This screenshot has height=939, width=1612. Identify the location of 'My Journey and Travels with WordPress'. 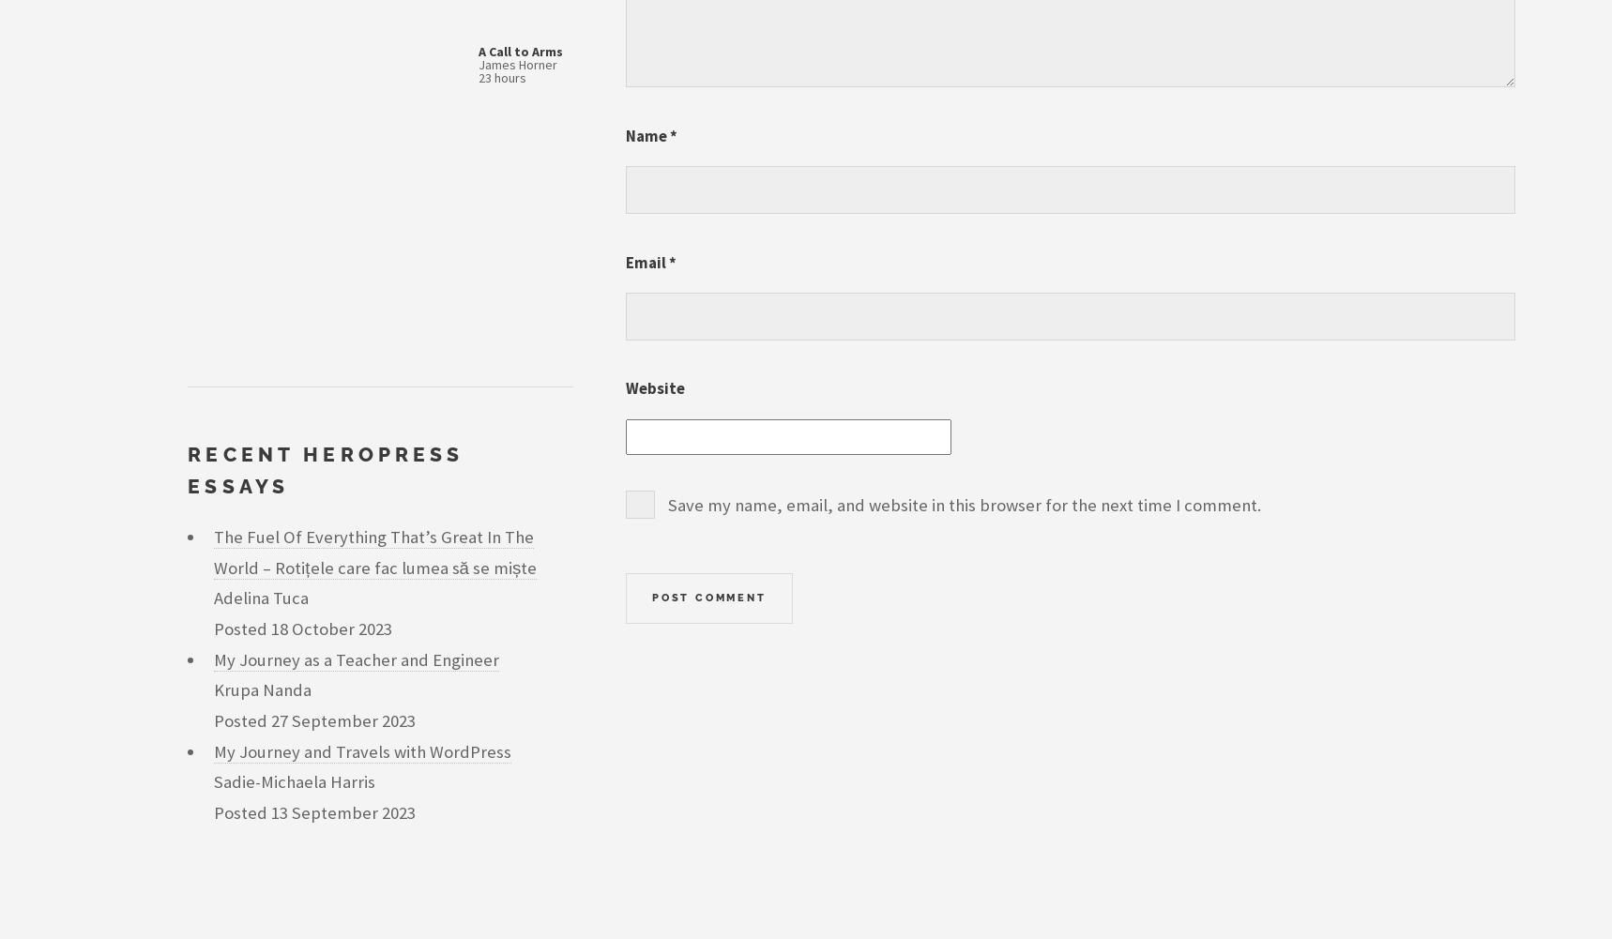
(212, 750).